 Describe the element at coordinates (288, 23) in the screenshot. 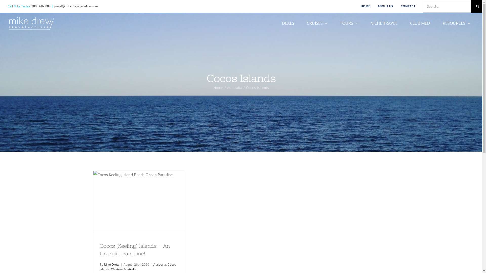

I see `'DEALS'` at that location.